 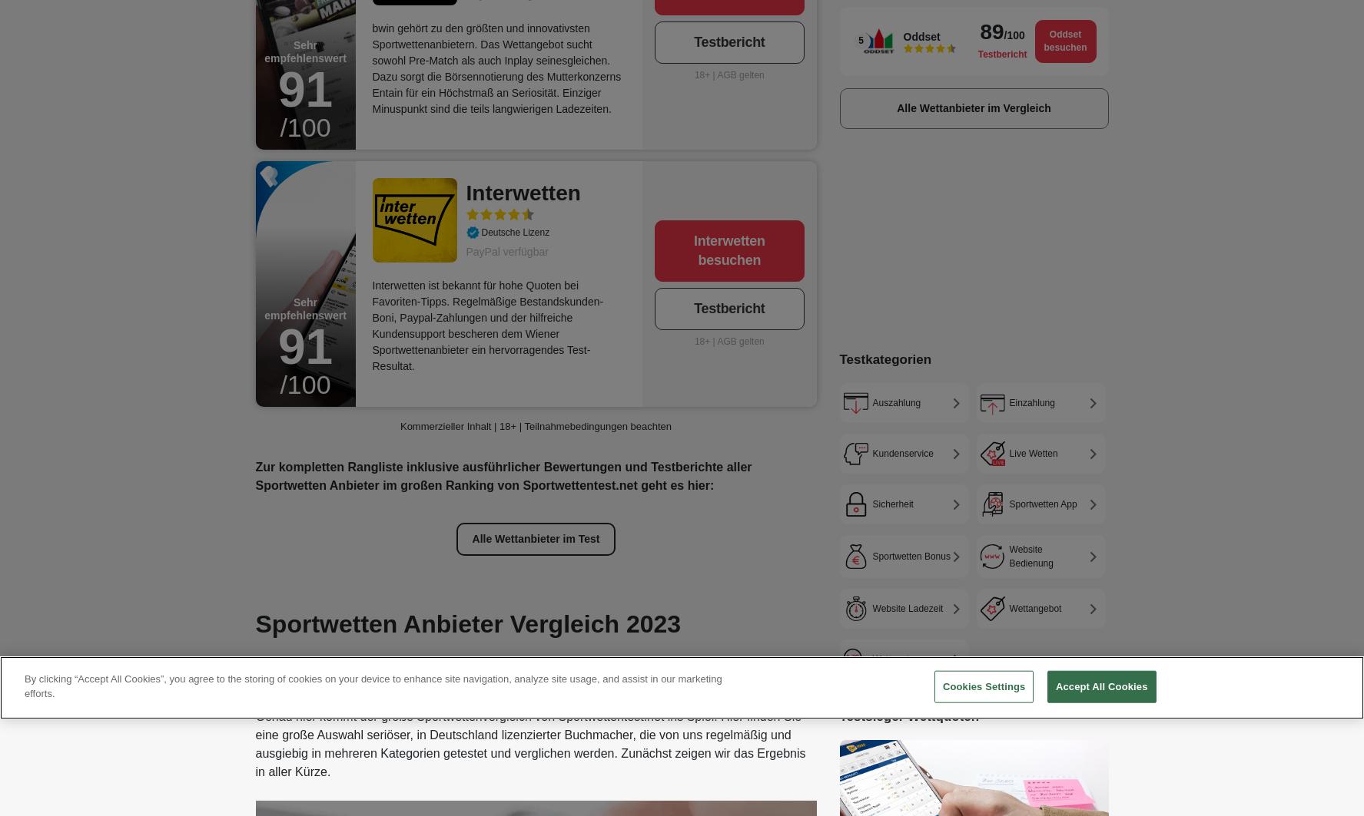 What do you see at coordinates (895, 401) in the screenshot?
I see `'Auszahlung'` at bounding box center [895, 401].